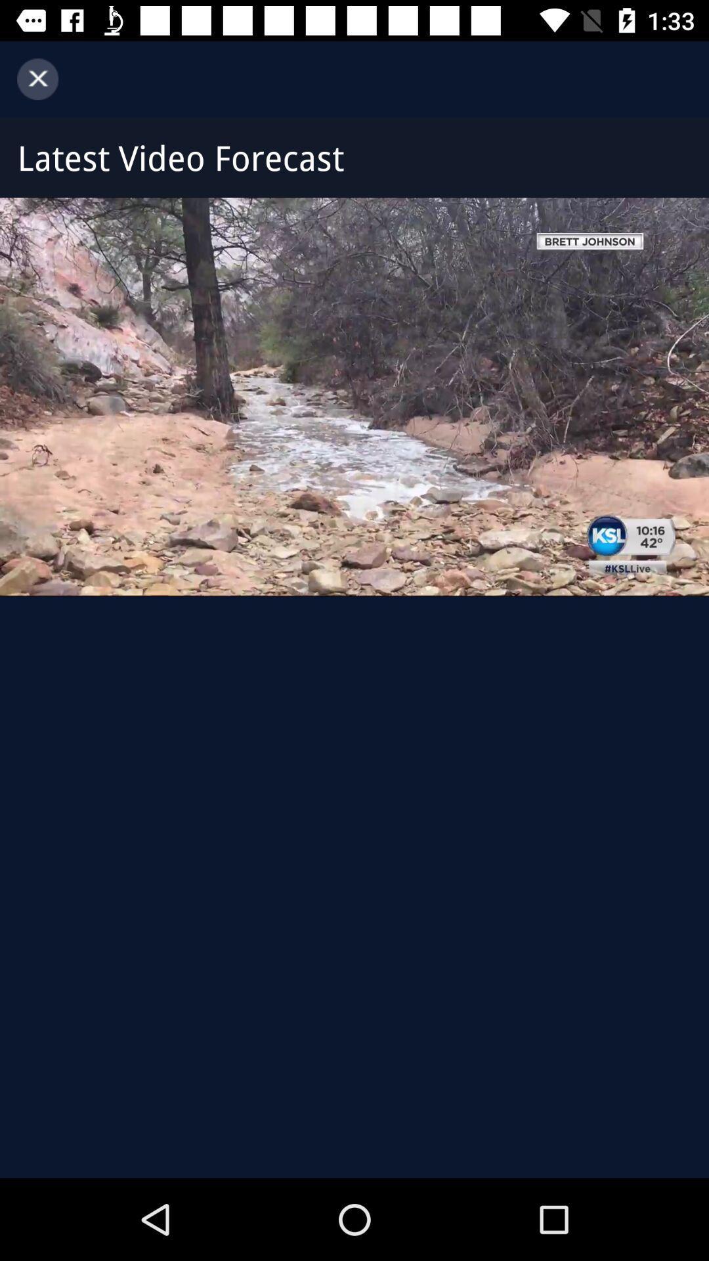 This screenshot has height=1261, width=709. Describe the element at coordinates (37, 78) in the screenshot. I see `the close icon` at that location.